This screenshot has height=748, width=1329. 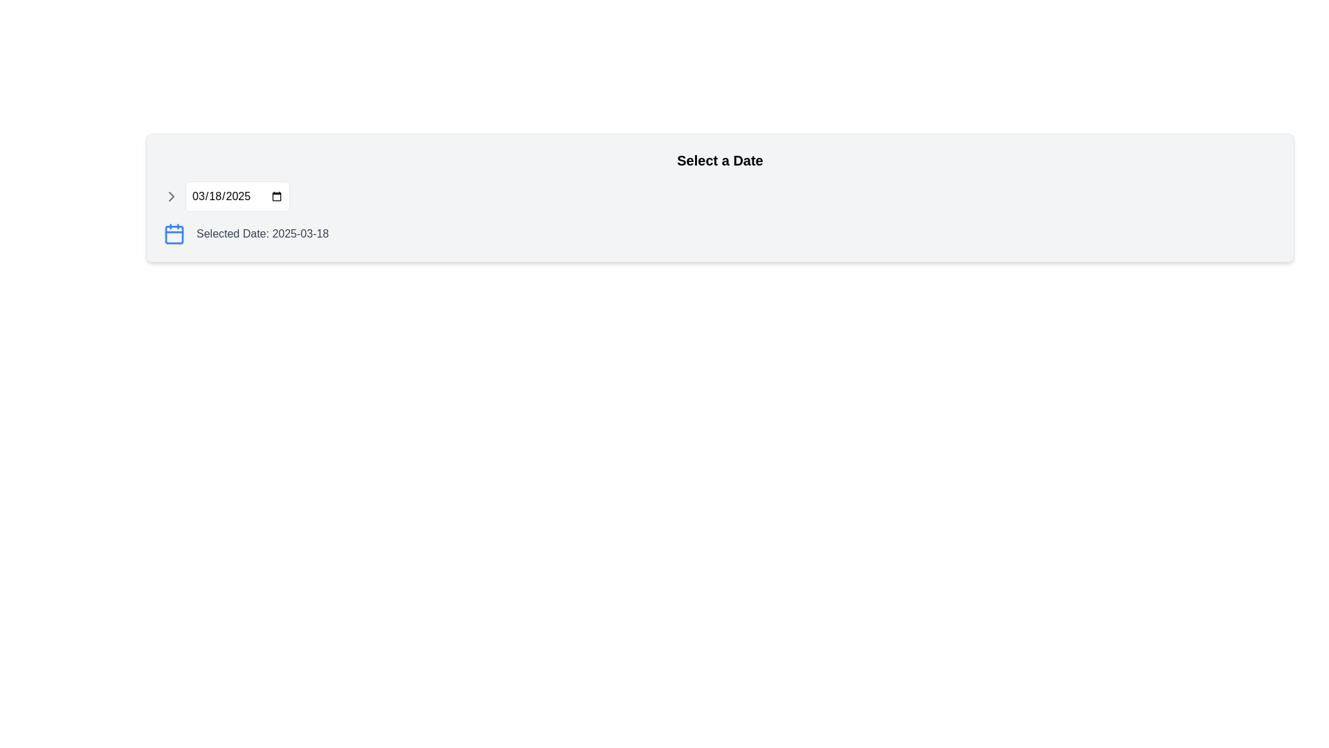 I want to click on the chevron icon located to the left of the date input field labeled '03/18/2025', so click(x=171, y=197).